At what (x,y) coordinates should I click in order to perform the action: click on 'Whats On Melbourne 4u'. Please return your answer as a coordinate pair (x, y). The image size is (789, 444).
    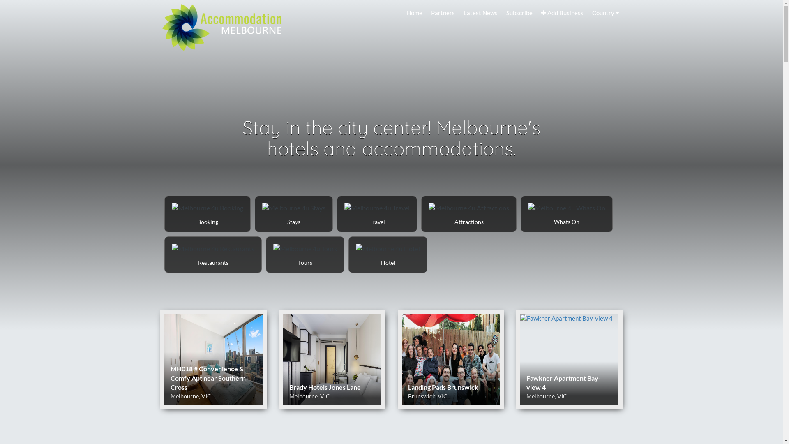
    Looking at the image, I should click on (520, 213).